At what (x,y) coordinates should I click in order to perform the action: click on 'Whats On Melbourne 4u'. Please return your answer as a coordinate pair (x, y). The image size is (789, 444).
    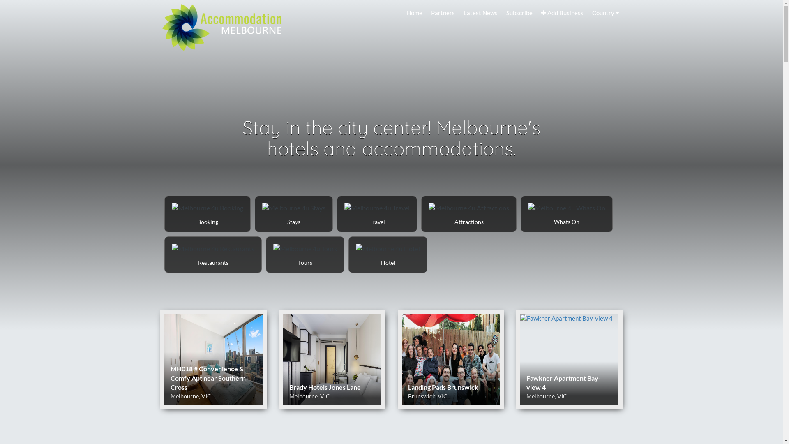
    Looking at the image, I should click on (520, 213).